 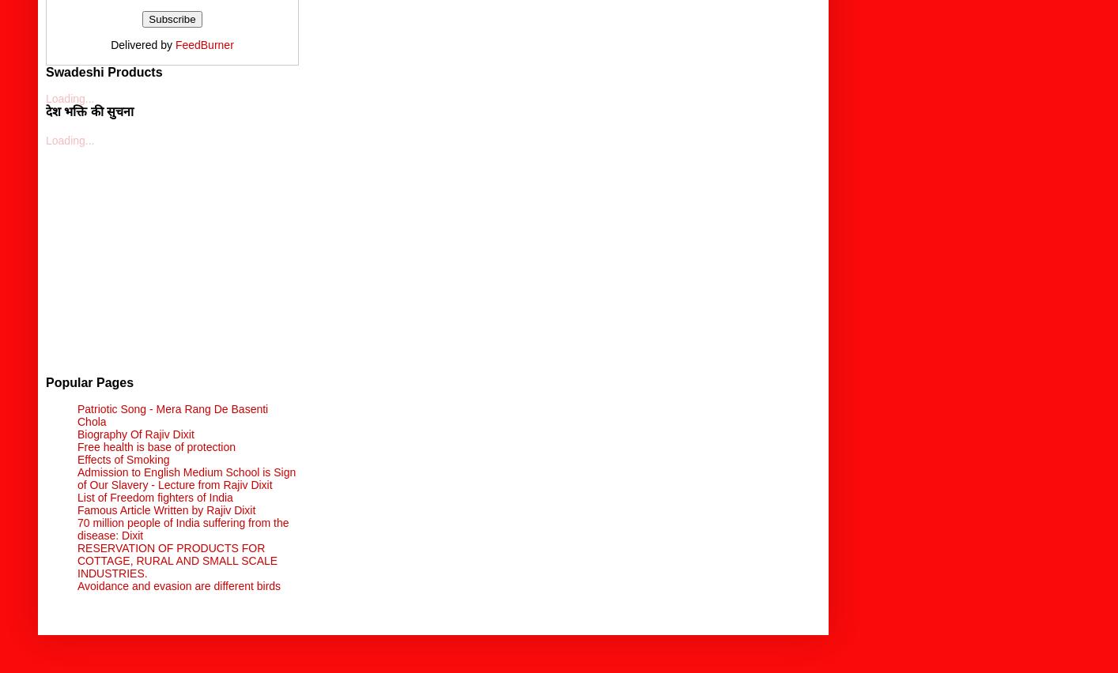 What do you see at coordinates (172, 414) in the screenshot?
I see `'Patriotic Song - Mera Rang De Basenti Chola'` at bounding box center [172, 414].